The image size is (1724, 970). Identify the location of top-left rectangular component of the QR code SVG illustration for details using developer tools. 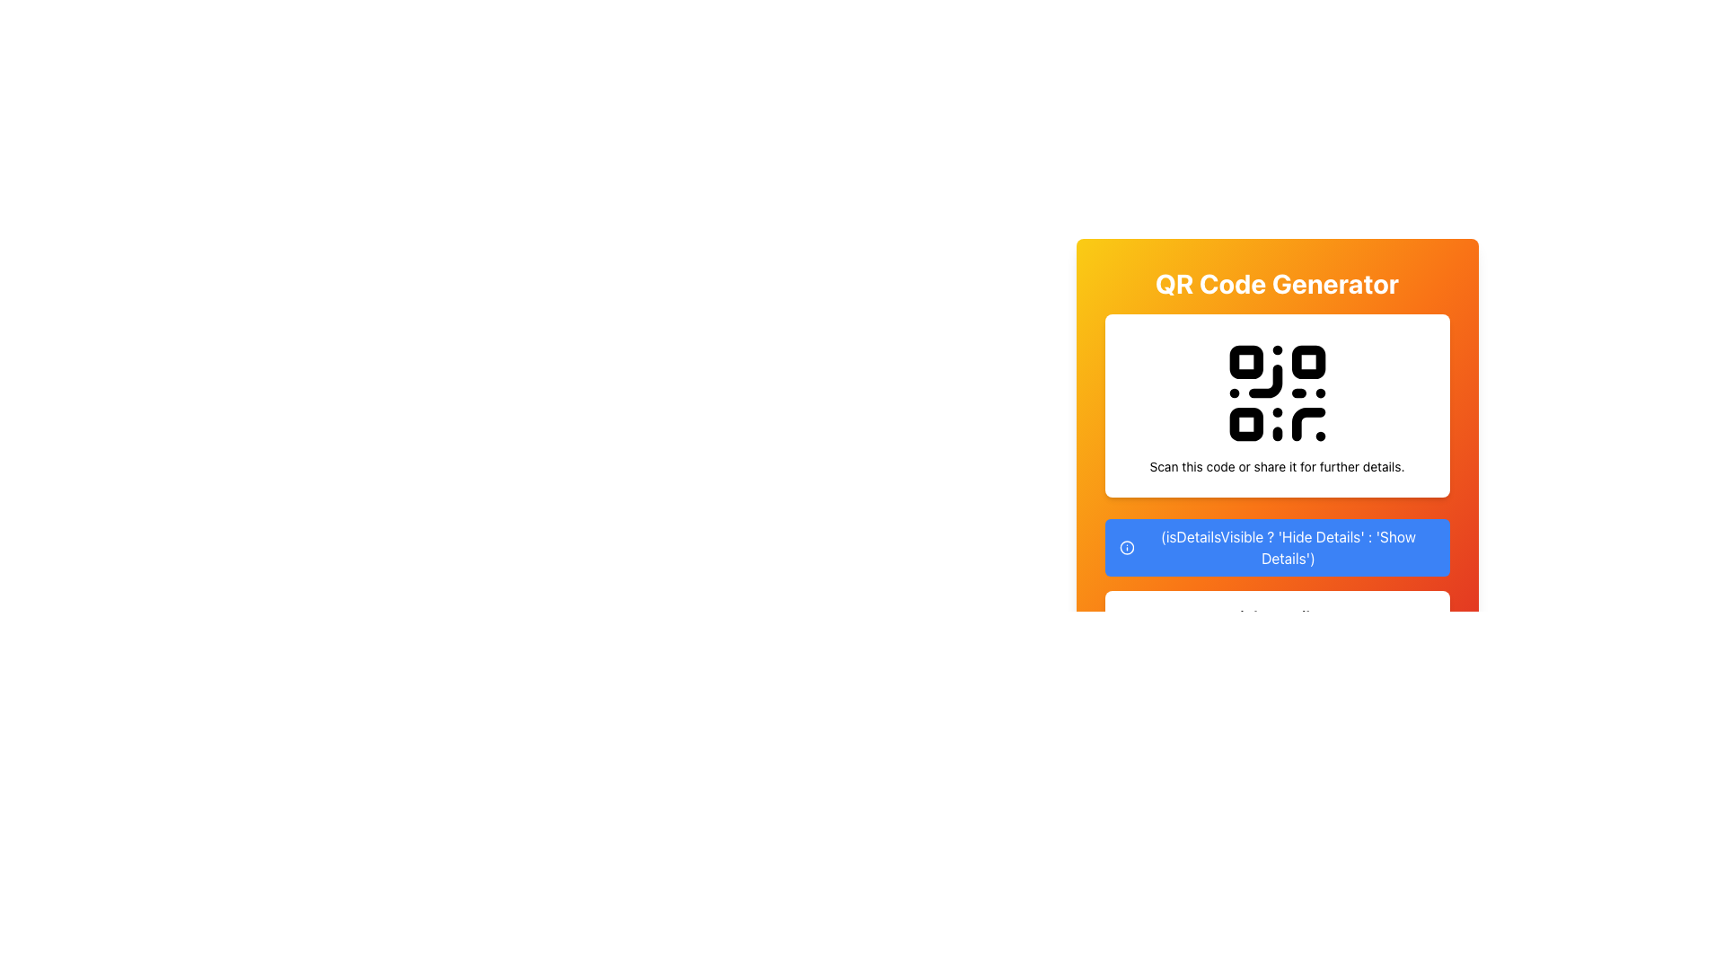
(1245, 362).